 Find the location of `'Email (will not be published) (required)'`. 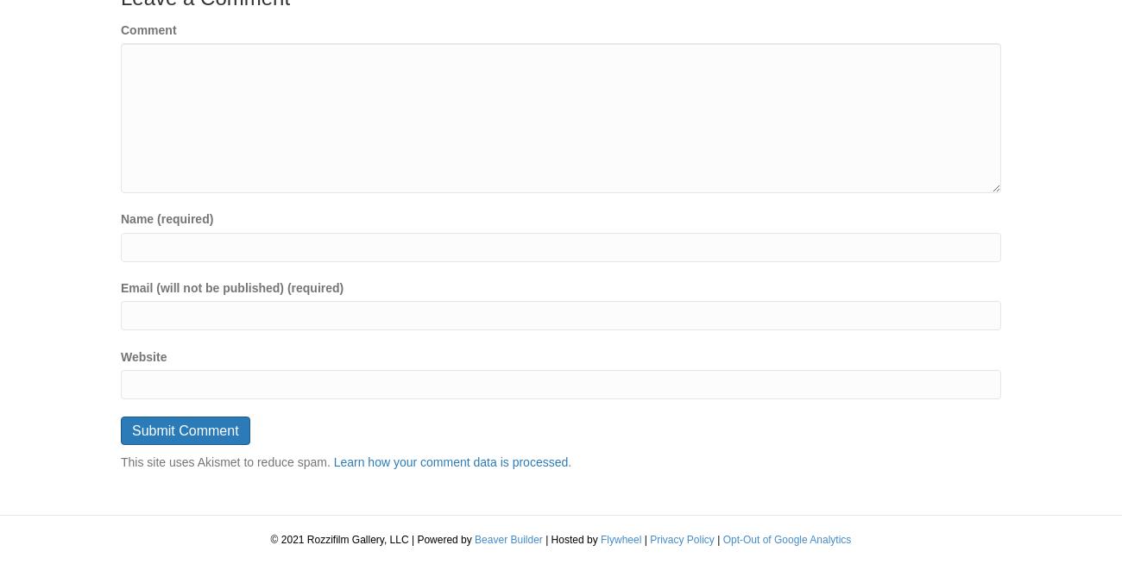

'Email (will not be published) (required)' is located at coordinates (230, 286).